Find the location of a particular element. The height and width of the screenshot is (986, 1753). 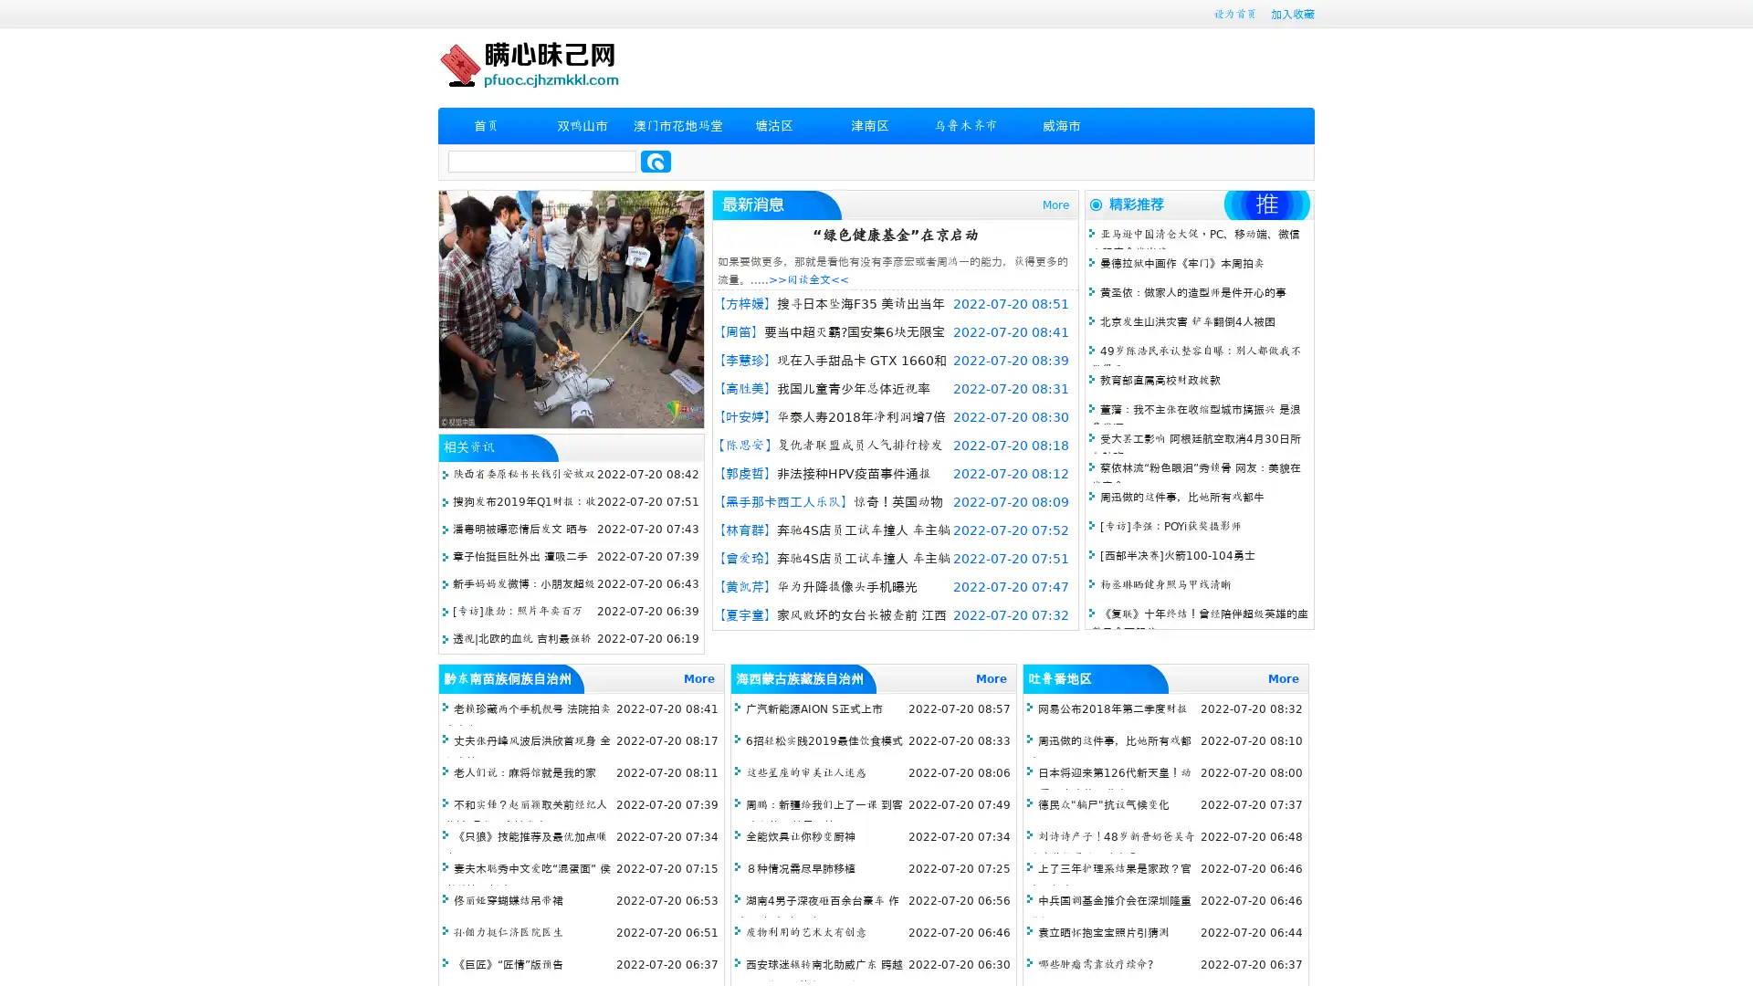

Search is located at coordinates (656, 161).